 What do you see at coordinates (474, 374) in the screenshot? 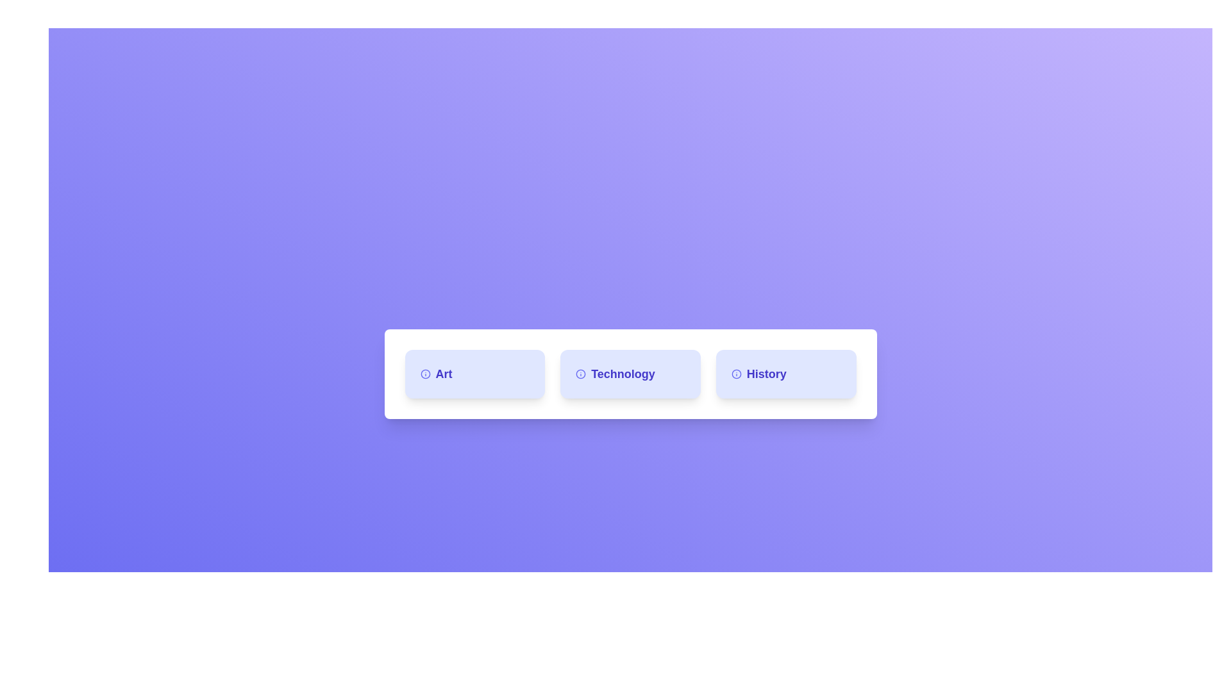
I see `the selectable option card labeled 'Art', which is the first item in a row of three options including 'Technology' and 'History'` at bounding box center [474, 374].